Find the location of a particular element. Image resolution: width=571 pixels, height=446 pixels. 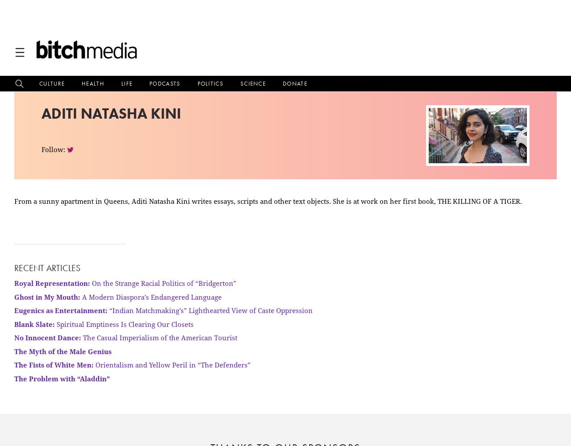

'Blank Slate:' is located at coordinates (34, 323).